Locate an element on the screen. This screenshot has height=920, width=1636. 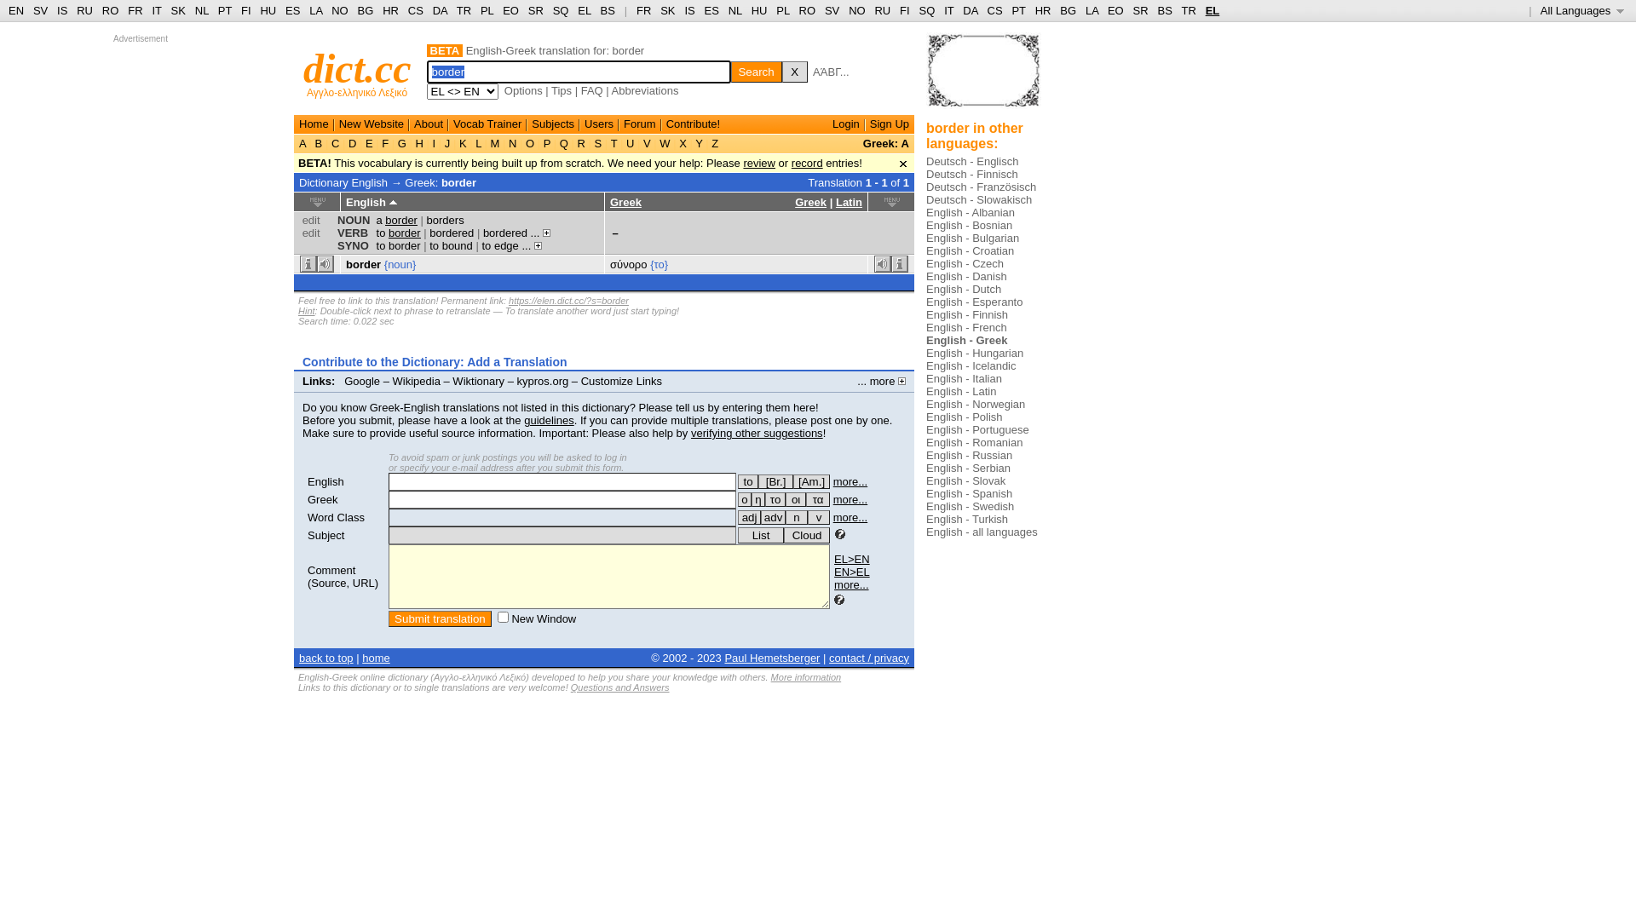
'to edge' is located at coordinates (498, 245).